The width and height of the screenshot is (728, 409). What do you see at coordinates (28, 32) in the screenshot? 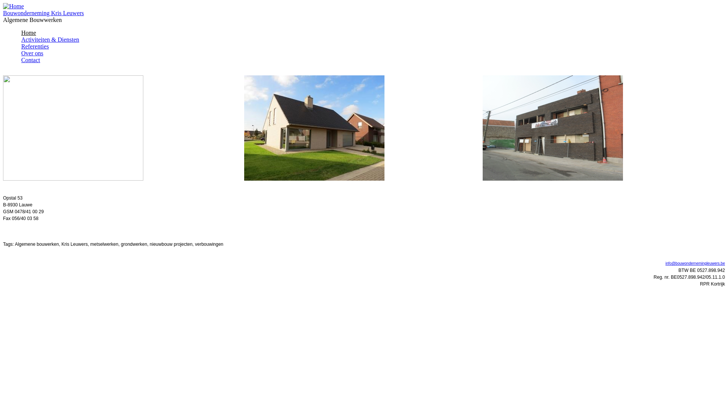
I see `'Home'` at bounding box center [28, 32].